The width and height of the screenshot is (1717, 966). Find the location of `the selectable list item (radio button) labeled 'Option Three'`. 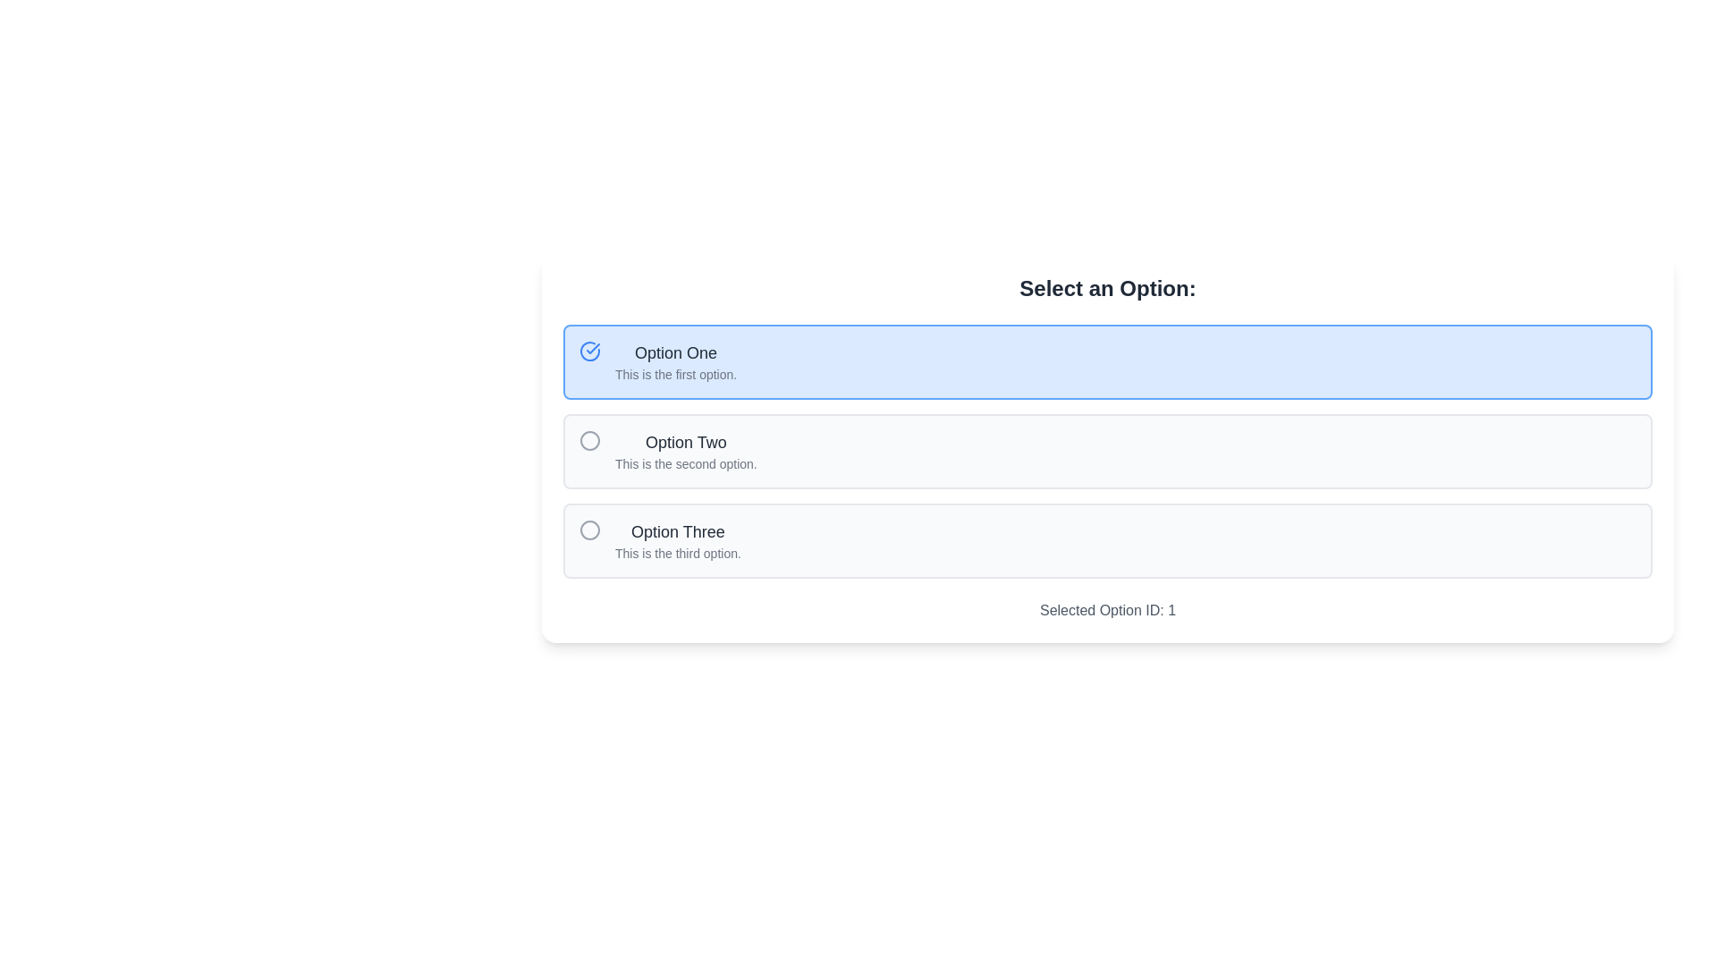

the selectable list item (radio button) labeled 'Option Three' is located at coordinates (1106, 540).